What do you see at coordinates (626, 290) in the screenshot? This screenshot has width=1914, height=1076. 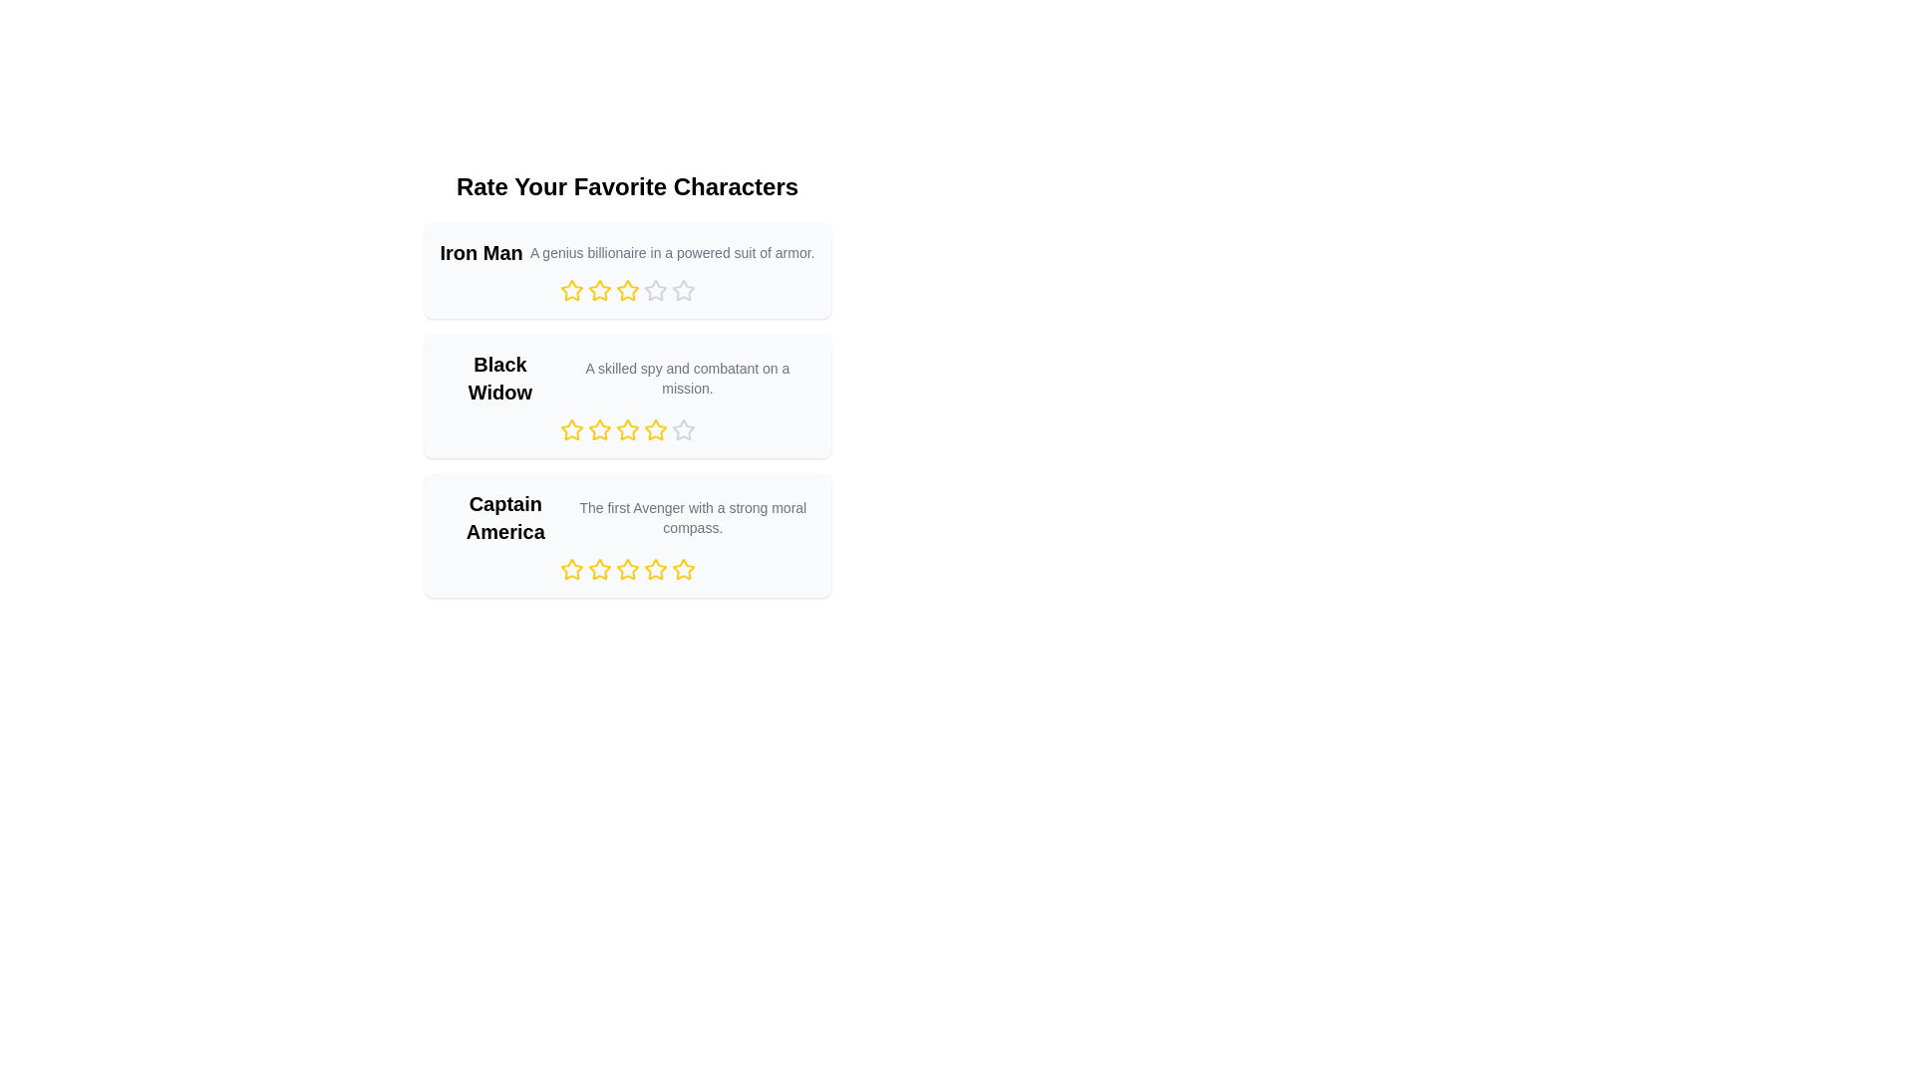 I see `the second star icon in the rating interface for 'Iron Man' to set a rating of 2 out of 5` at bounding box center [626, 290].